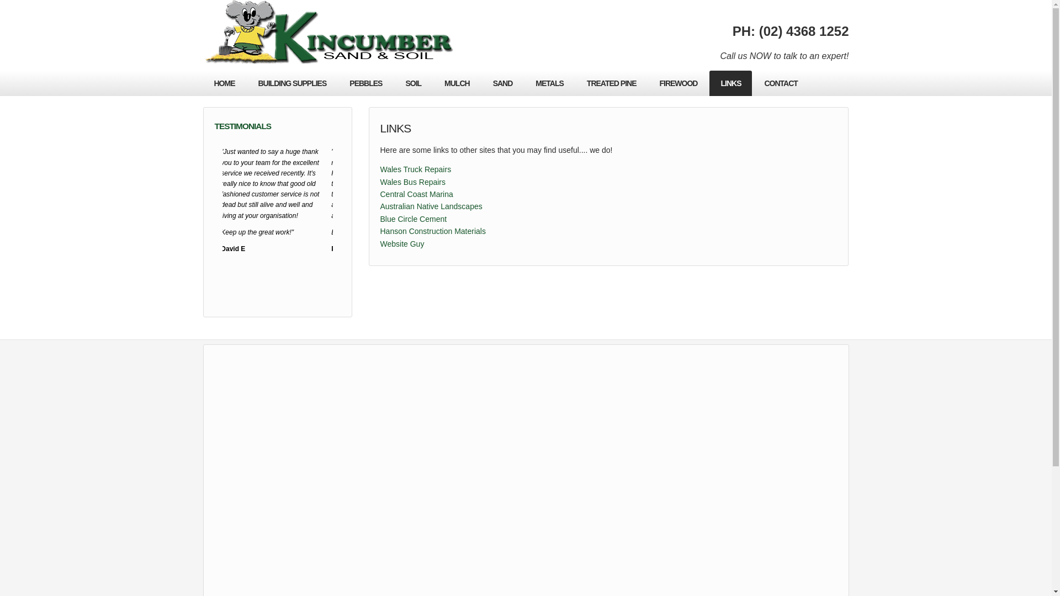  Describe the element at coordinates (412, 219) in the screenshot. I see `'Blue Circle Cement'` at that location.